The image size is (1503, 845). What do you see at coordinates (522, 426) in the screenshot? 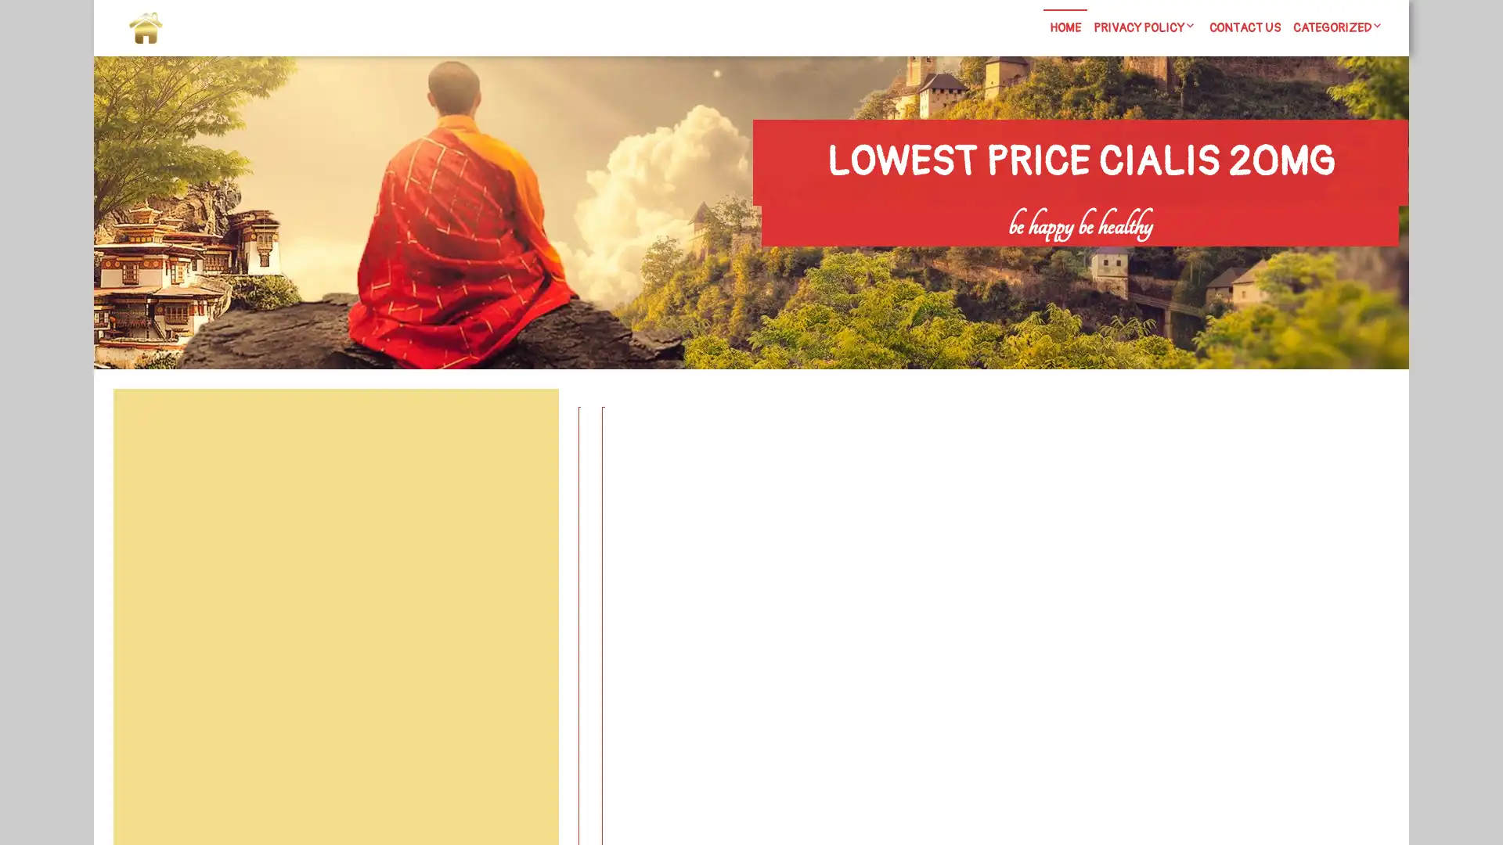
I see `Search` at bounding box center [522, 426].